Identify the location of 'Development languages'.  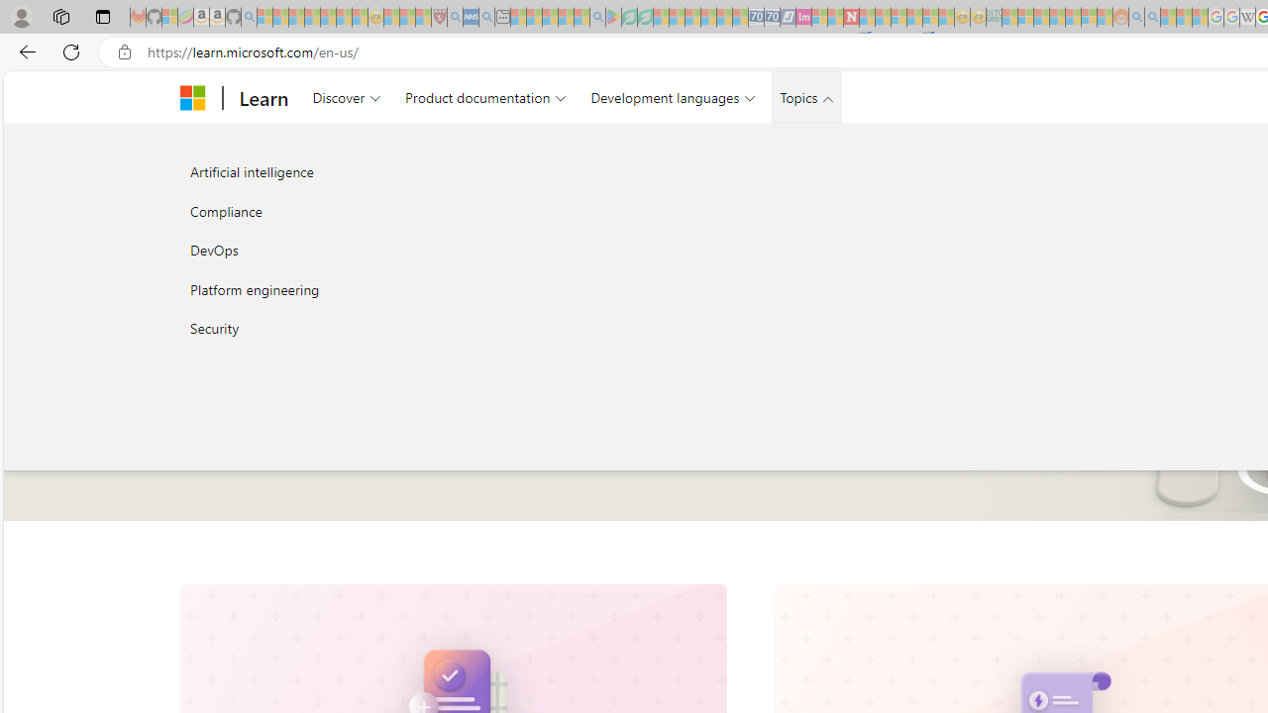
(673, 97).